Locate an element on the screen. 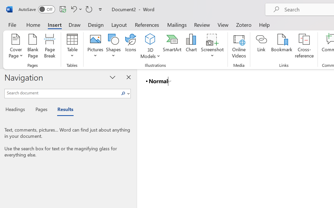 This screenshot has width=334, height=208. 'References' is located at coordinates (147, 24).